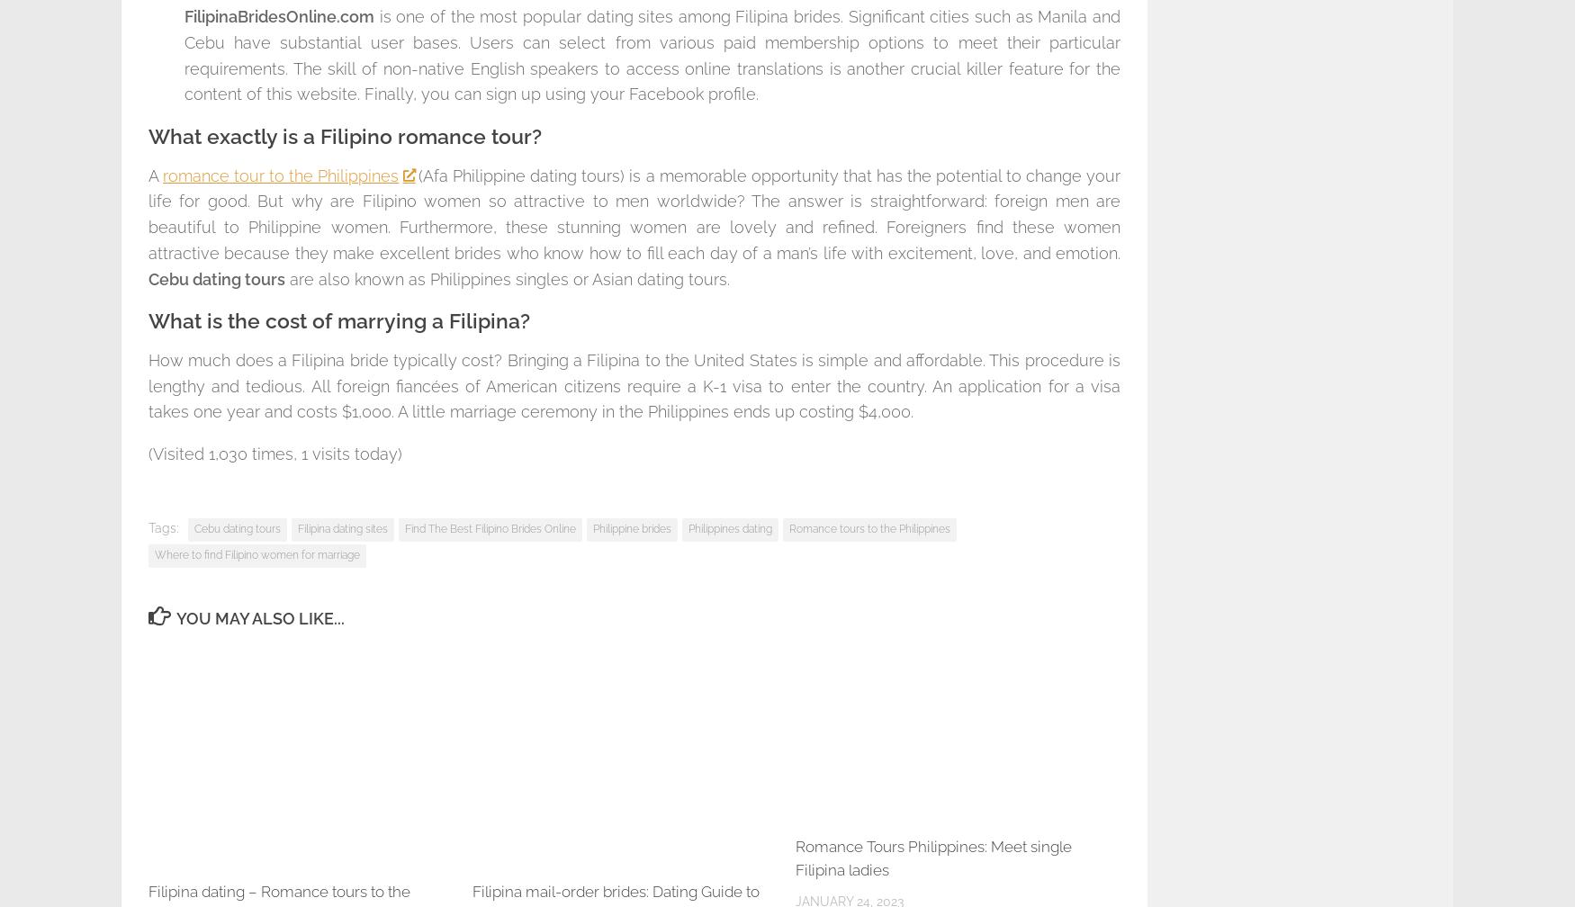  I want to click on 'are also known as Philippines singles or Asian dating tours.', so click(508, 278).